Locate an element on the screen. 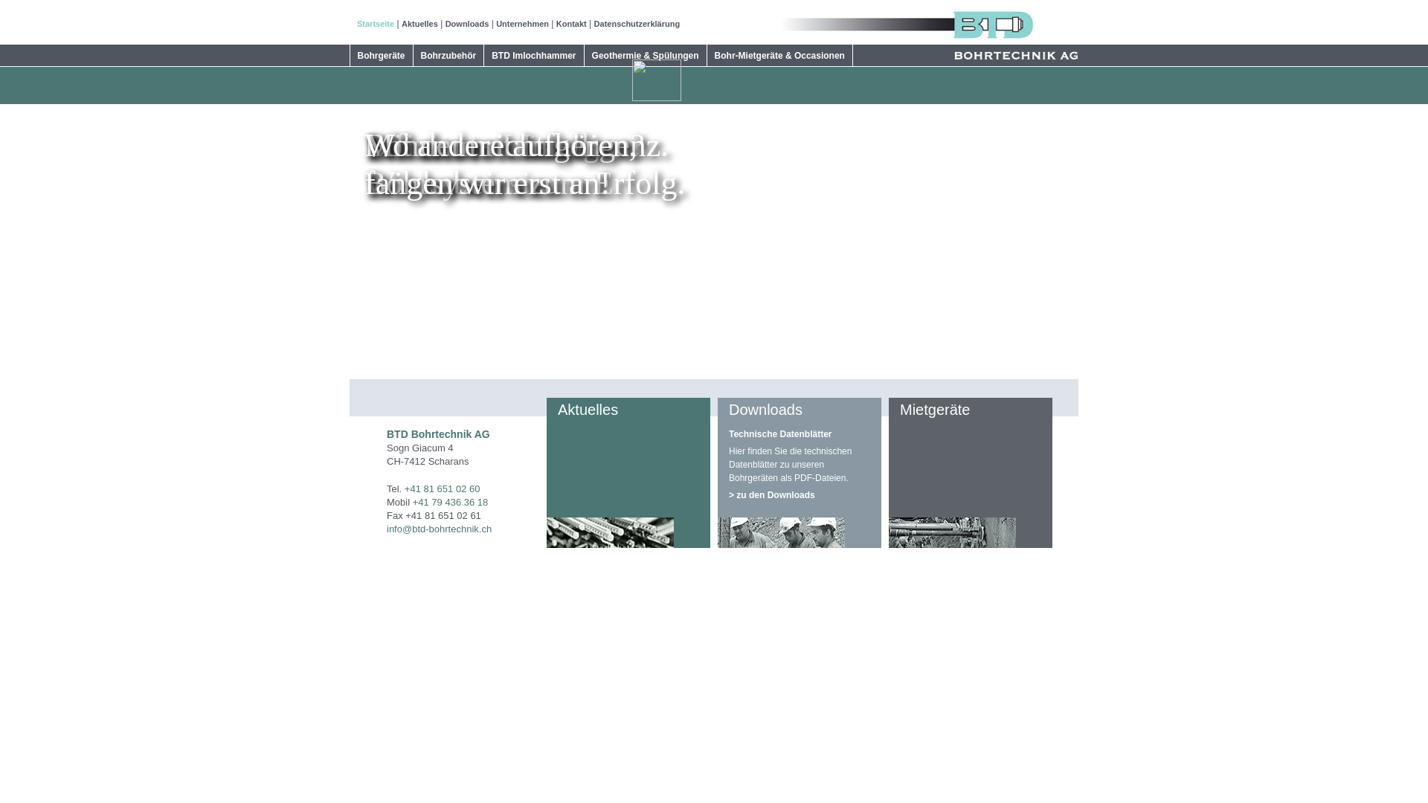 The image size is (1428, 803). '+41 81 651 02 60' is located at coordinates (404, 488).